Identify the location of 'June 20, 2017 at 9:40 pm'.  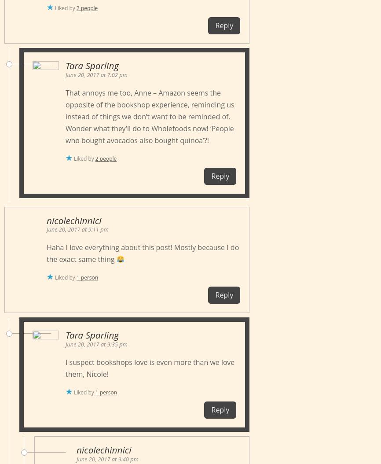
(107, 458).